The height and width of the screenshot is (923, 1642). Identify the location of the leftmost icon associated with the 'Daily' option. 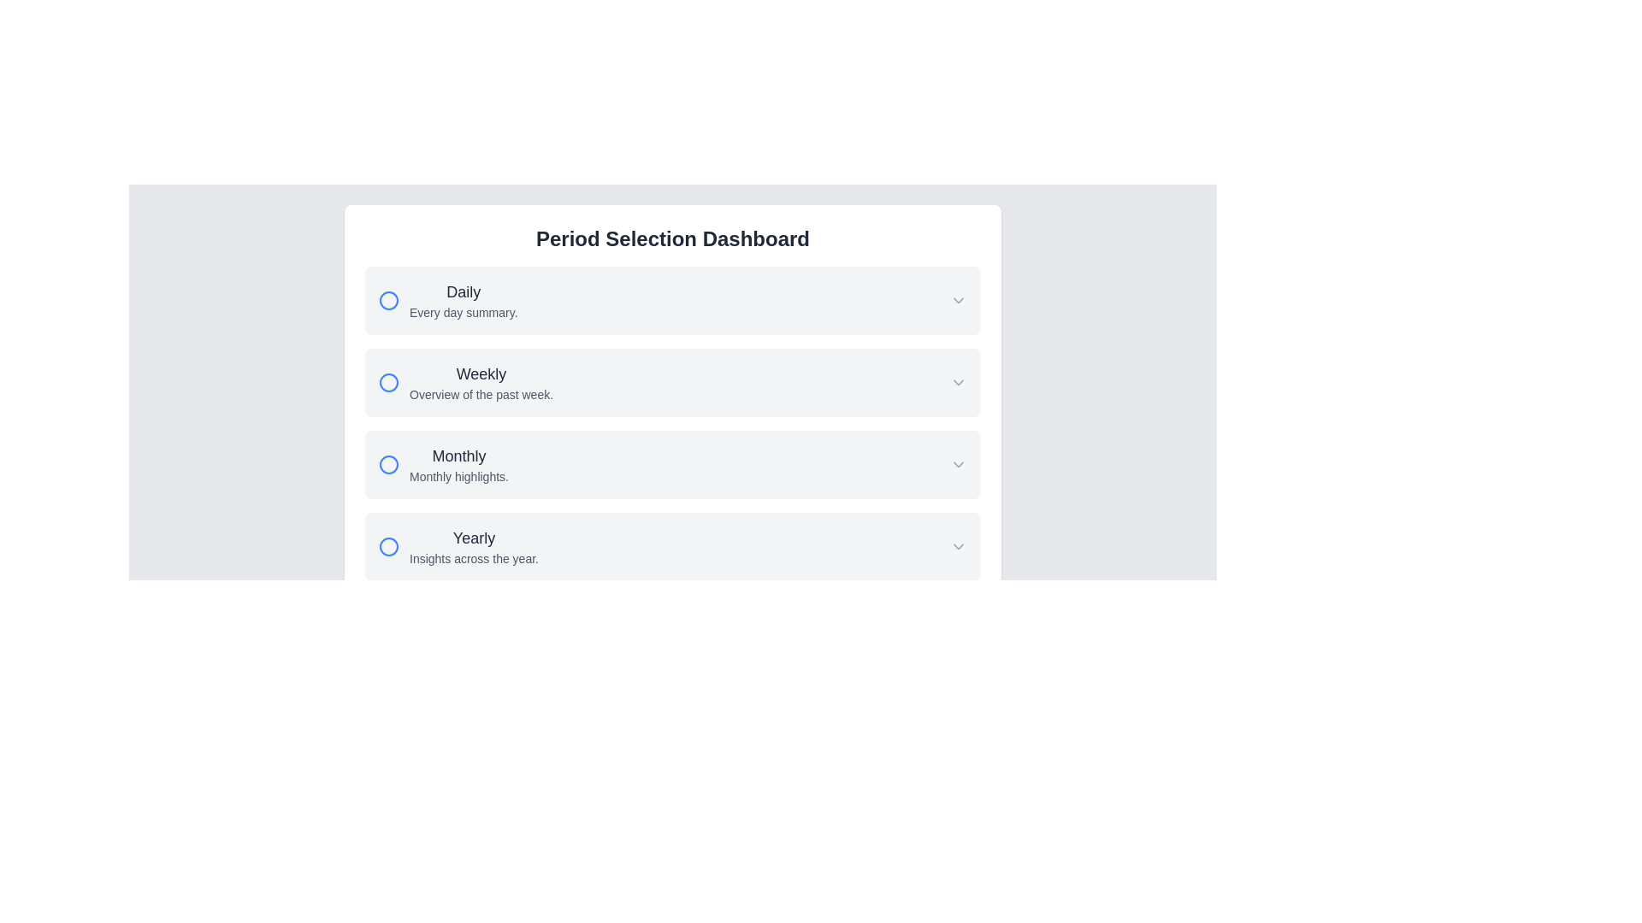
(388, 299).